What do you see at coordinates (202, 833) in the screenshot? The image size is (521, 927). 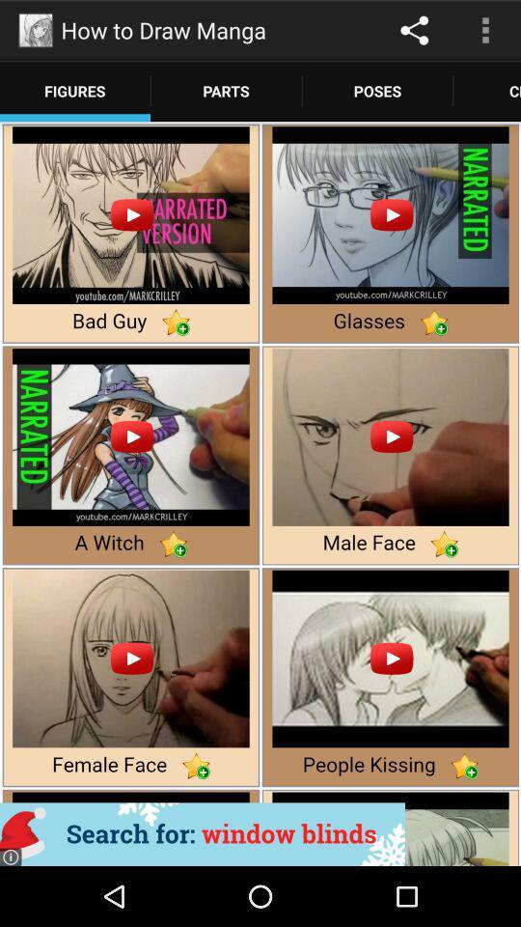 I see `advertisement` at bounding box center [202, 833].